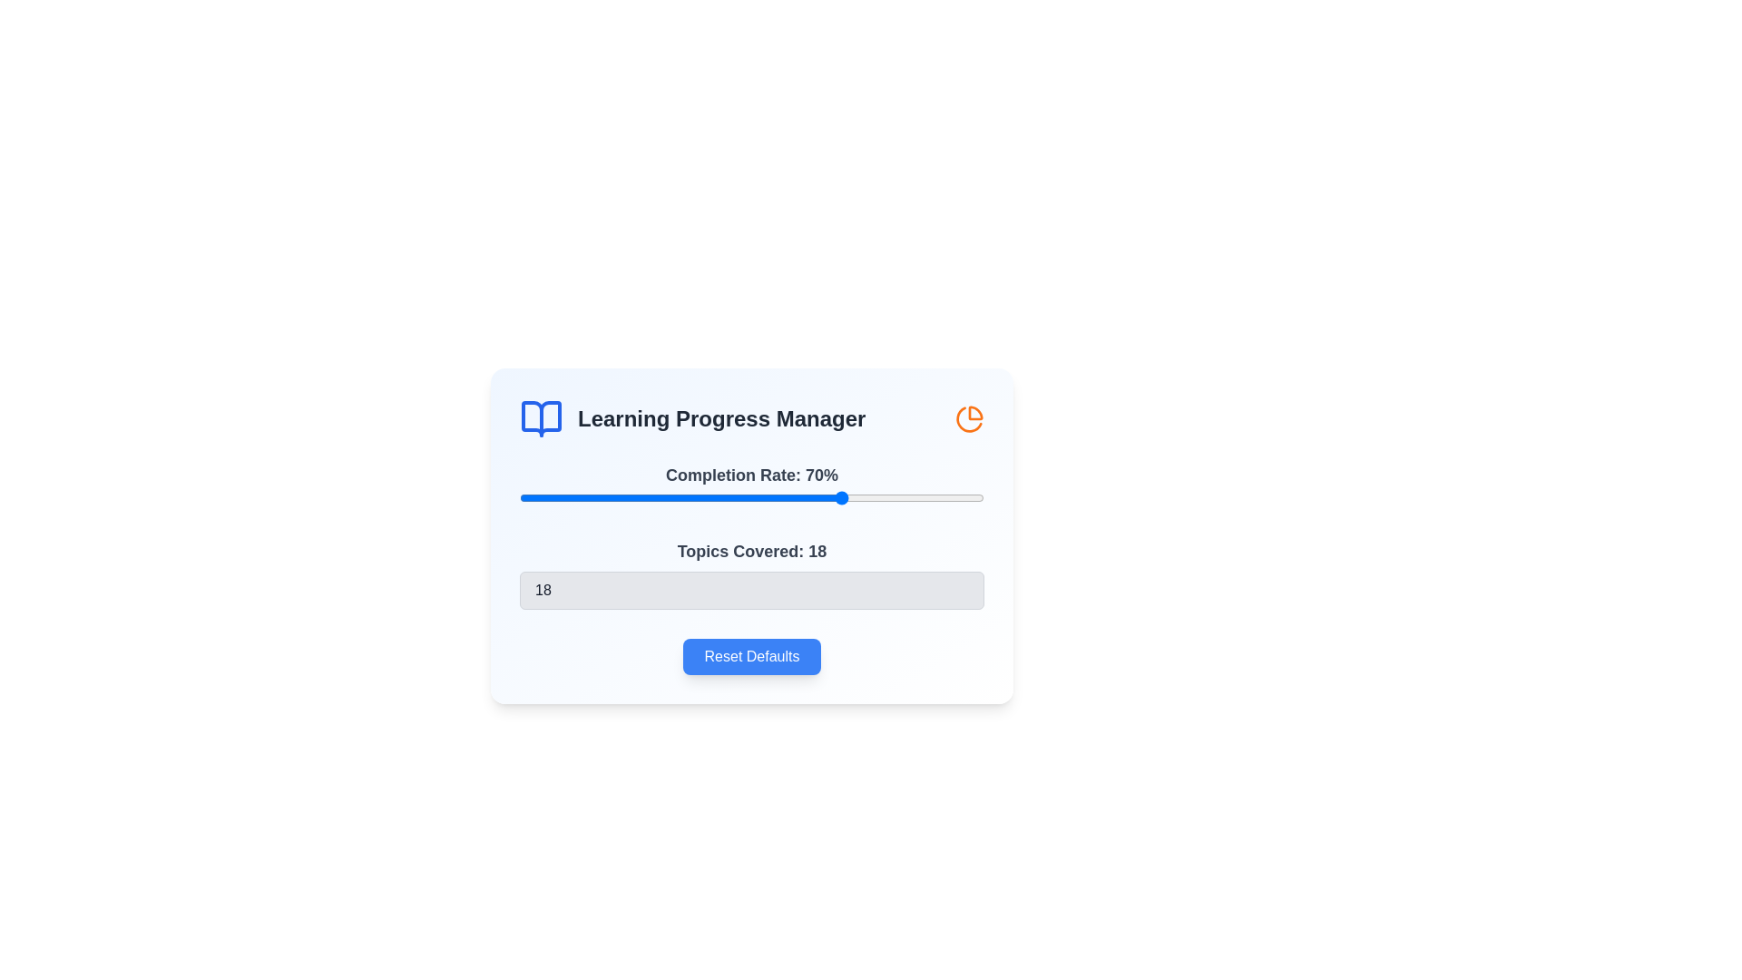  Describe the element at coordinates (752, 591) in the screenshot. I see `the number of topics covered to 12 by entering the value in the input box` at that location.